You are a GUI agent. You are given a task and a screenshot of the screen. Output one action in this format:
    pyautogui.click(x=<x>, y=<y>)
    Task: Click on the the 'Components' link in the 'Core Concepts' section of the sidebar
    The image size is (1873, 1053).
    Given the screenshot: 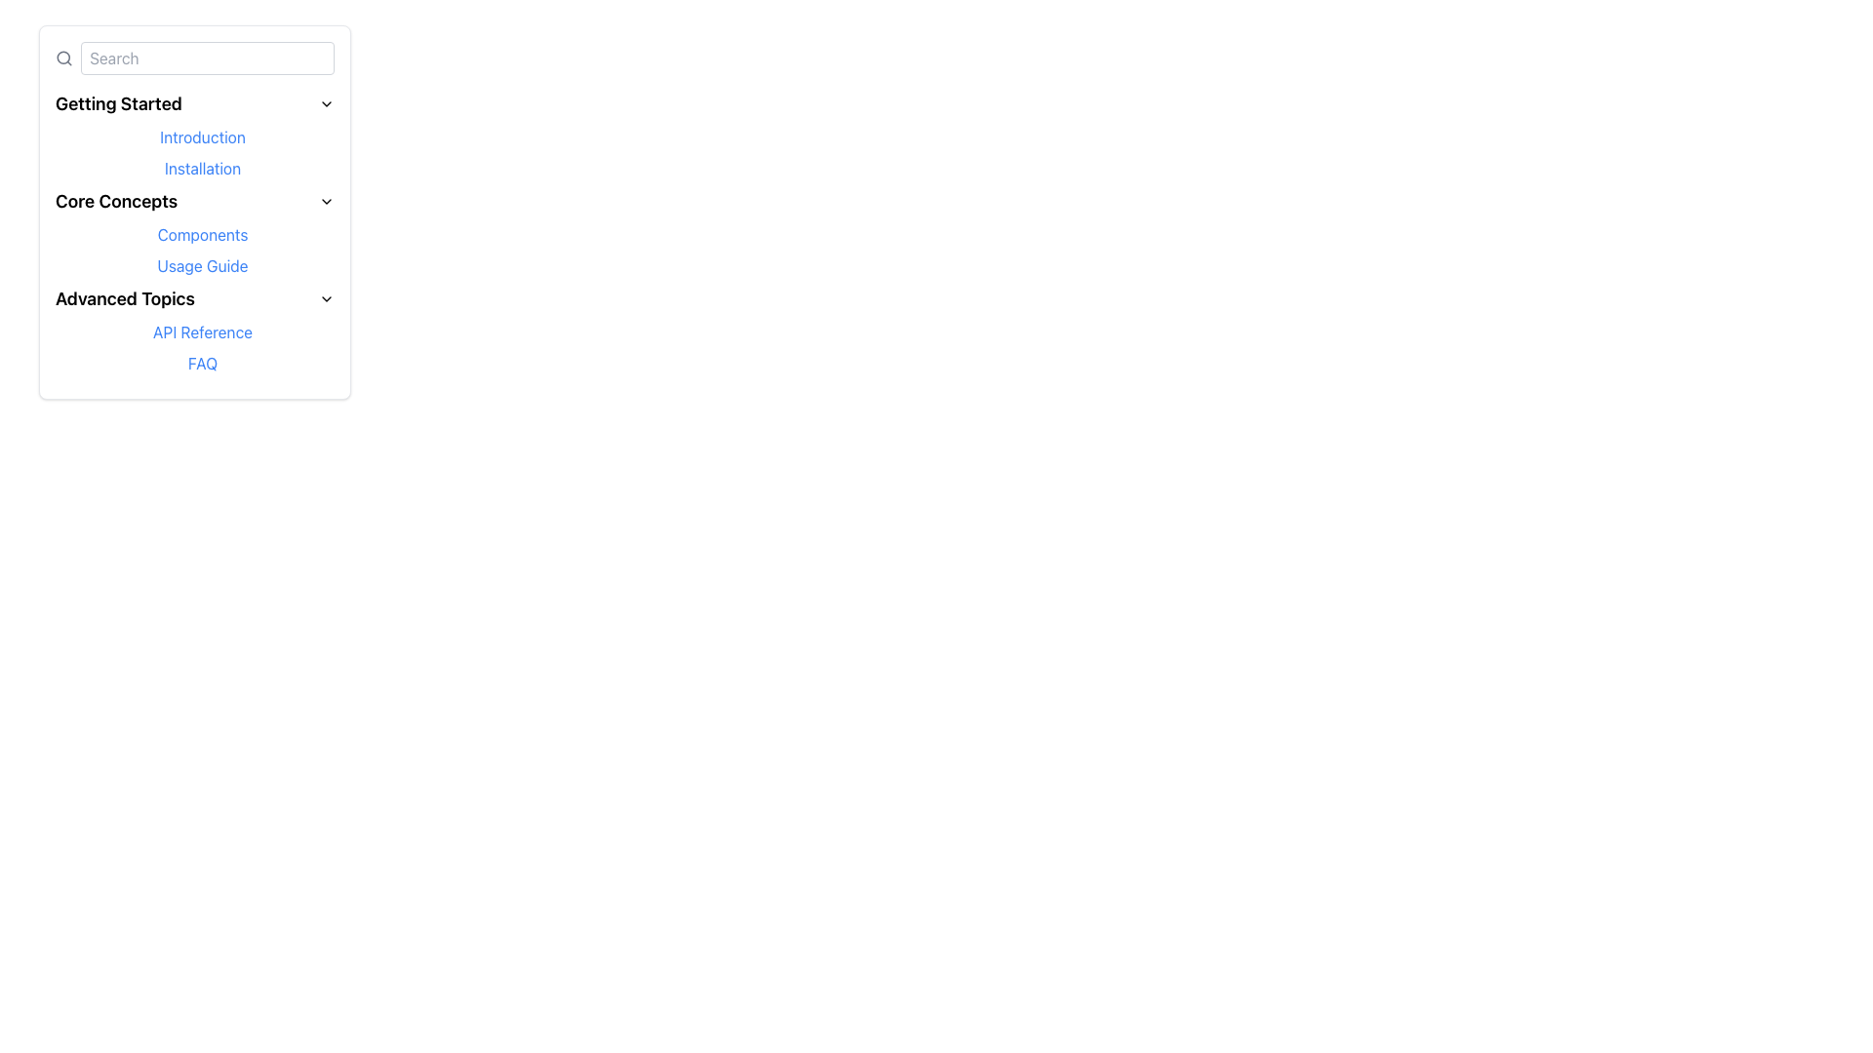 What is the action you would take?
    pyautogui.click(x=195, y=232)
    